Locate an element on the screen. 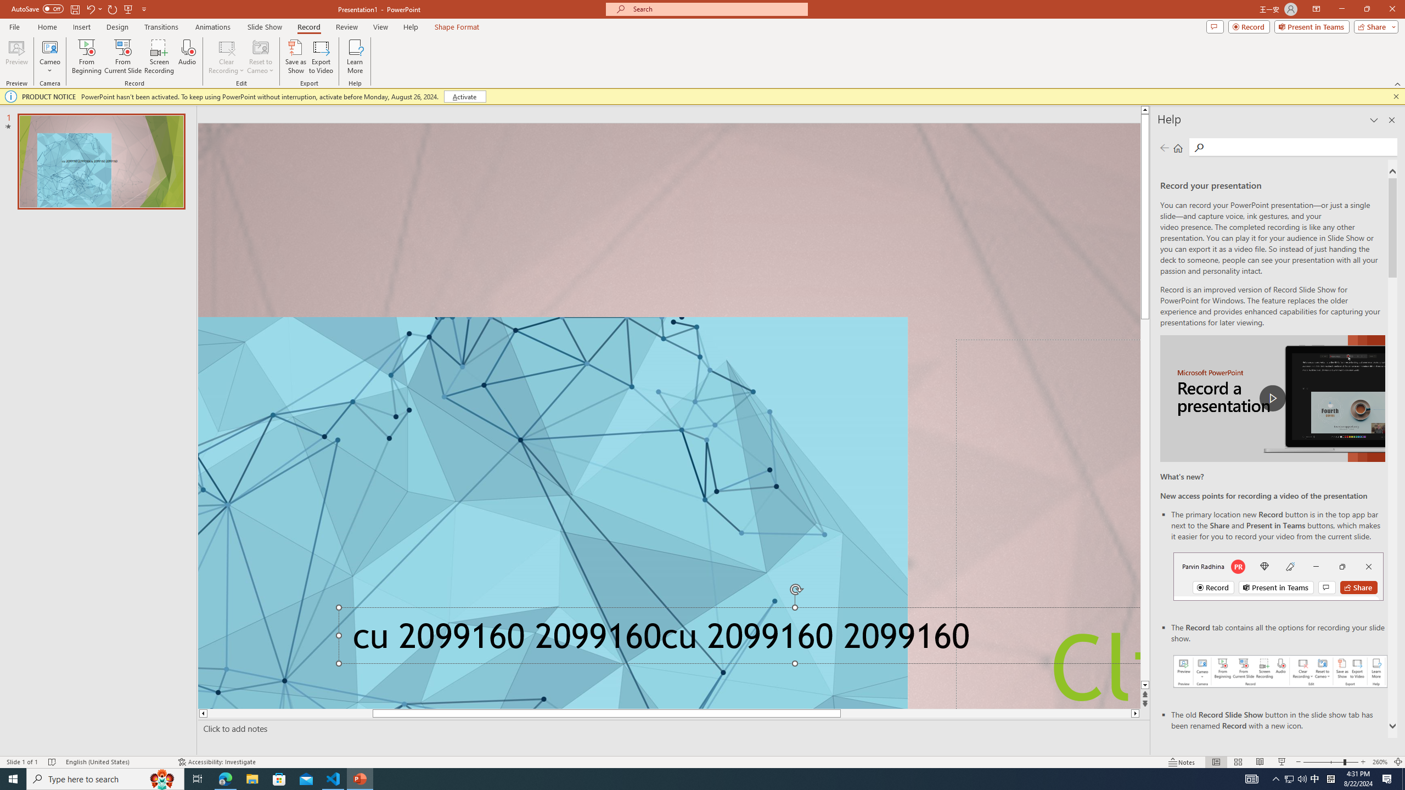 The image size is (1405, 790). 'Screen Recording' is located at coordinates (159, 57).